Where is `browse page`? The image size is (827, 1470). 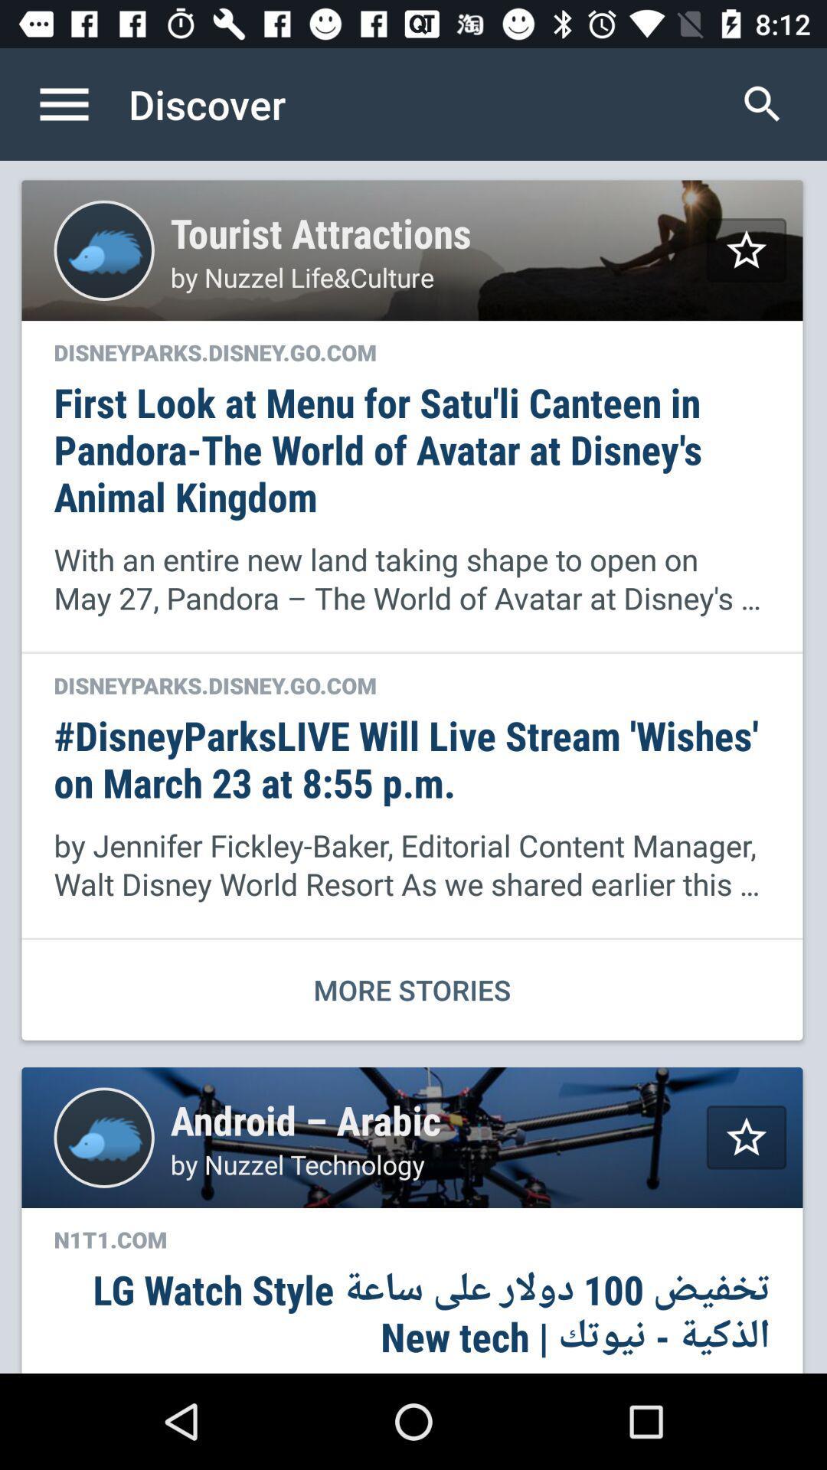 browse page is located at coordinates (80, 103).